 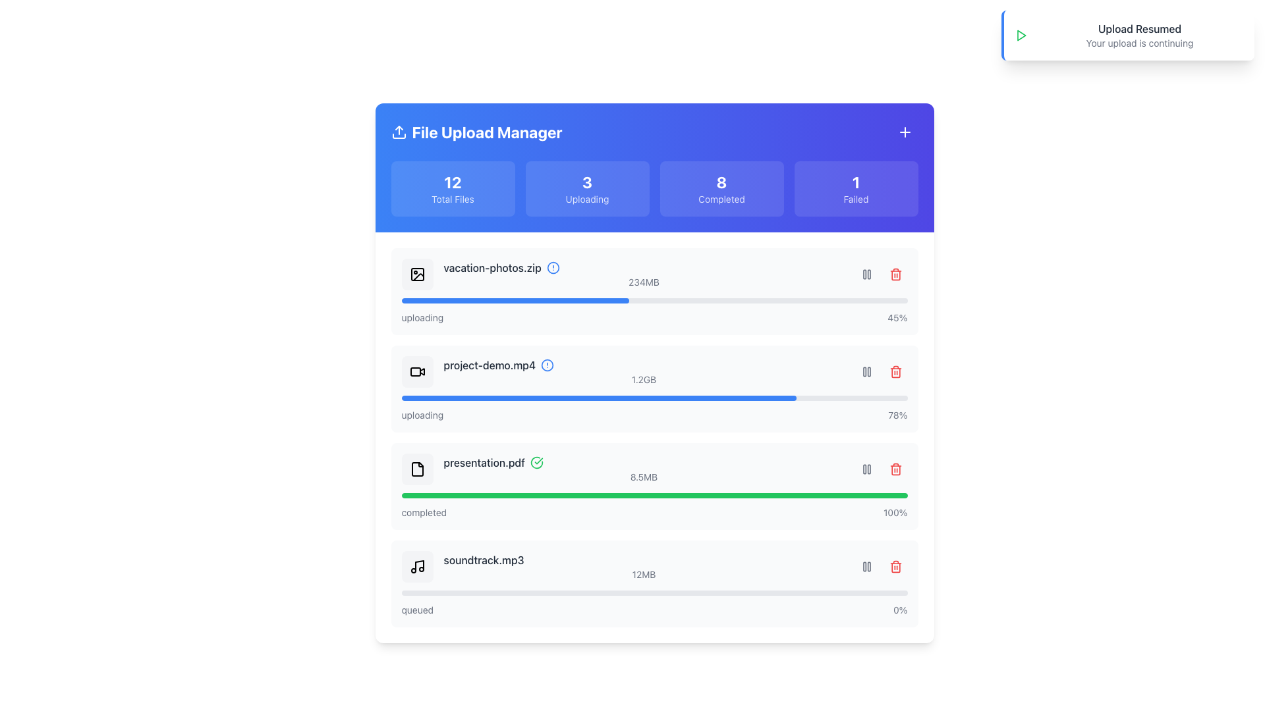 What do you see at coordinates (537, 461) in the screenshot?
I see `the status indicator icon located in the third row of the file list, next to the file name 'presentation.pdf', to signify that the file upload process is complete` at bounding box center [537, 461].